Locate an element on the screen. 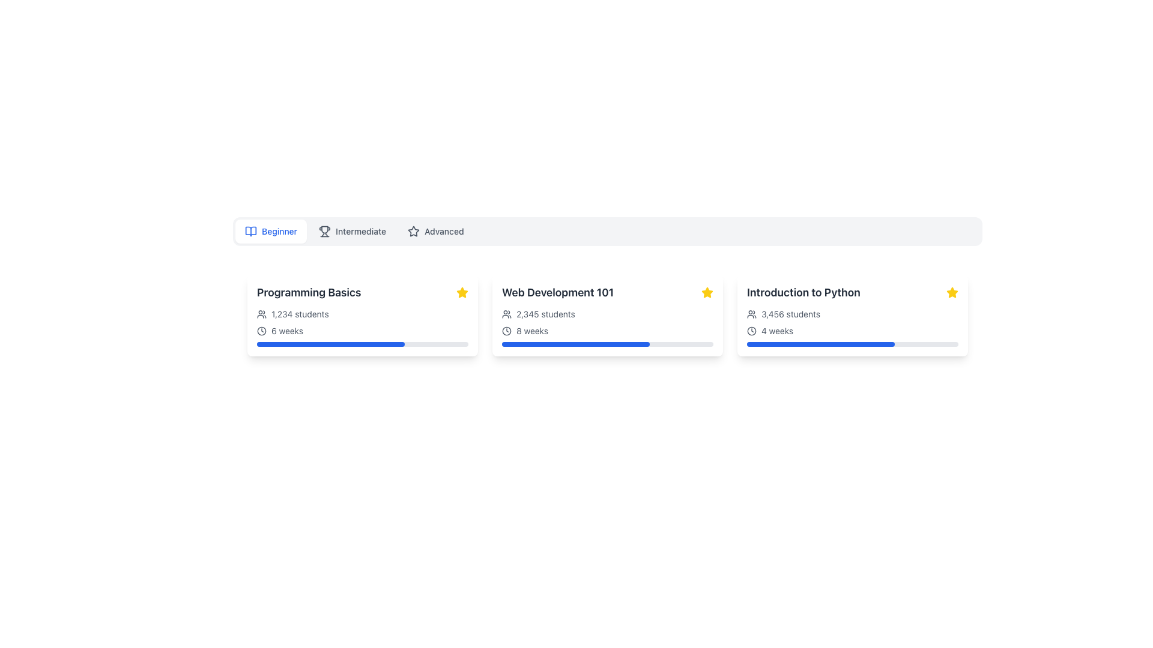 The height and width of the screenshot is (648, 1153). the star icon is located at coordinates (461, 293).